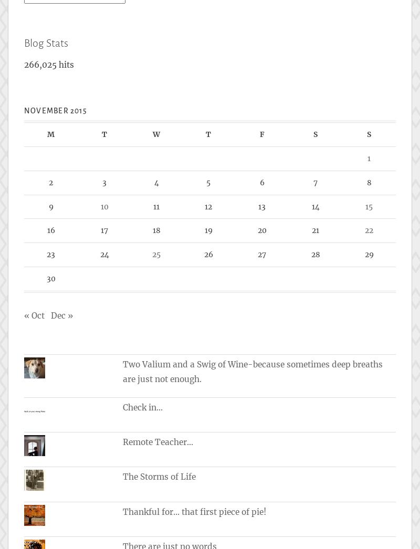  Describe the element at coordinates (61, 315) in the screenshot. I see `'Dec »'` at that location.